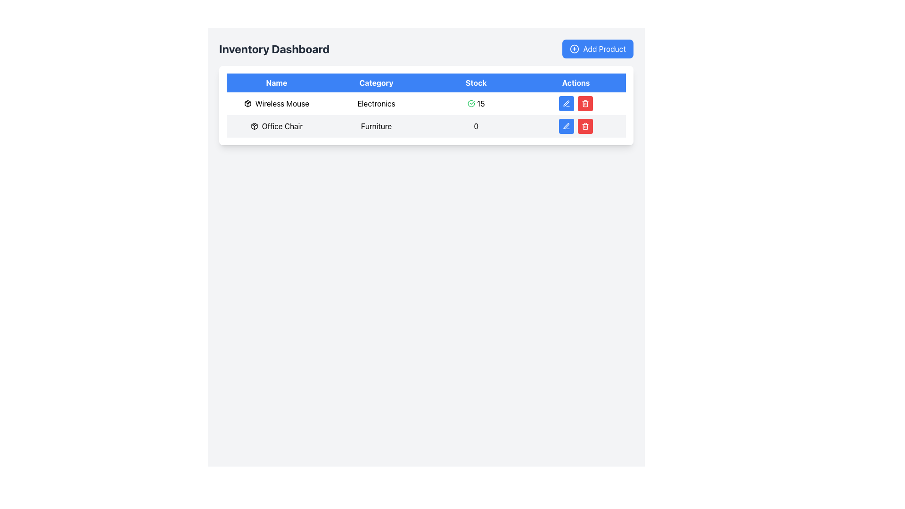  What do you see at coordinates (585, 125) in the screenshot?
I see `the delete button located in the second table row under the 'Actions' column` at bounding box center [585, 125].